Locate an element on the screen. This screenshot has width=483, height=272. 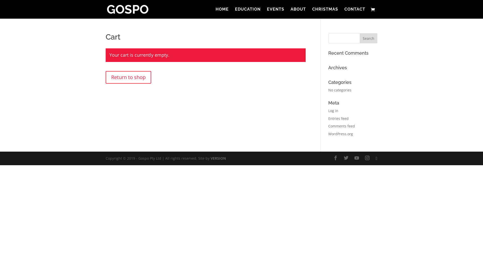
'CHRISTMAS' is located at coordinates (325, 13).